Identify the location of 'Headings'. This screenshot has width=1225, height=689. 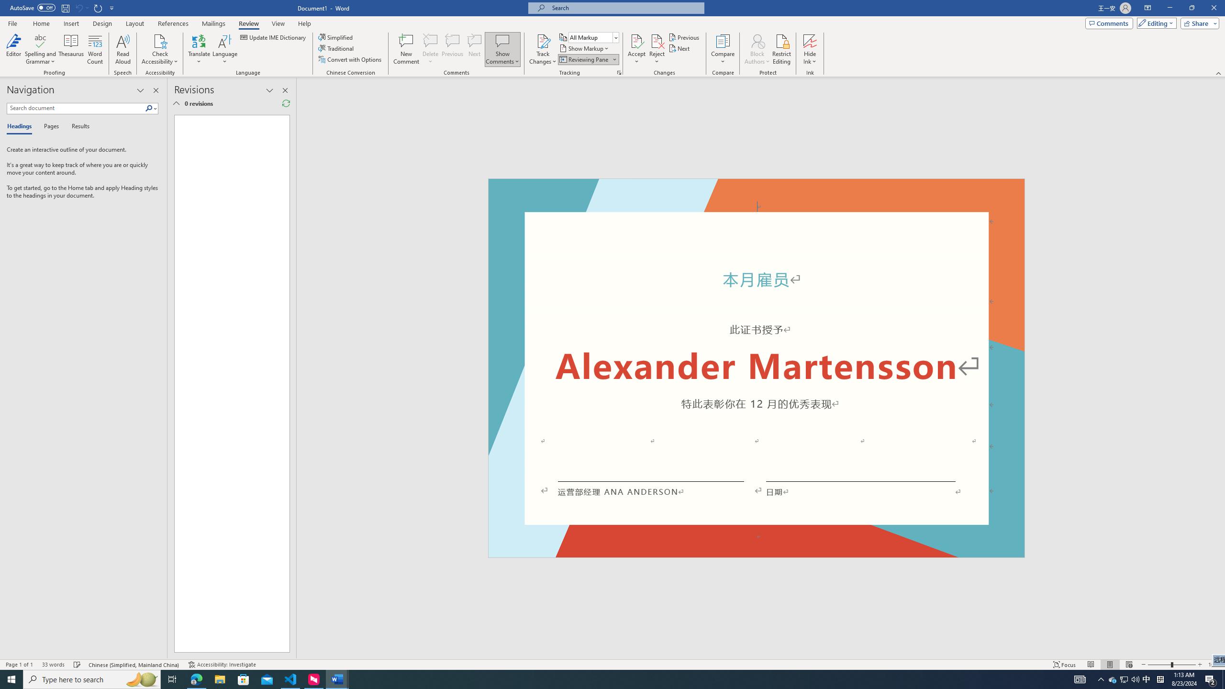
(21, 126).